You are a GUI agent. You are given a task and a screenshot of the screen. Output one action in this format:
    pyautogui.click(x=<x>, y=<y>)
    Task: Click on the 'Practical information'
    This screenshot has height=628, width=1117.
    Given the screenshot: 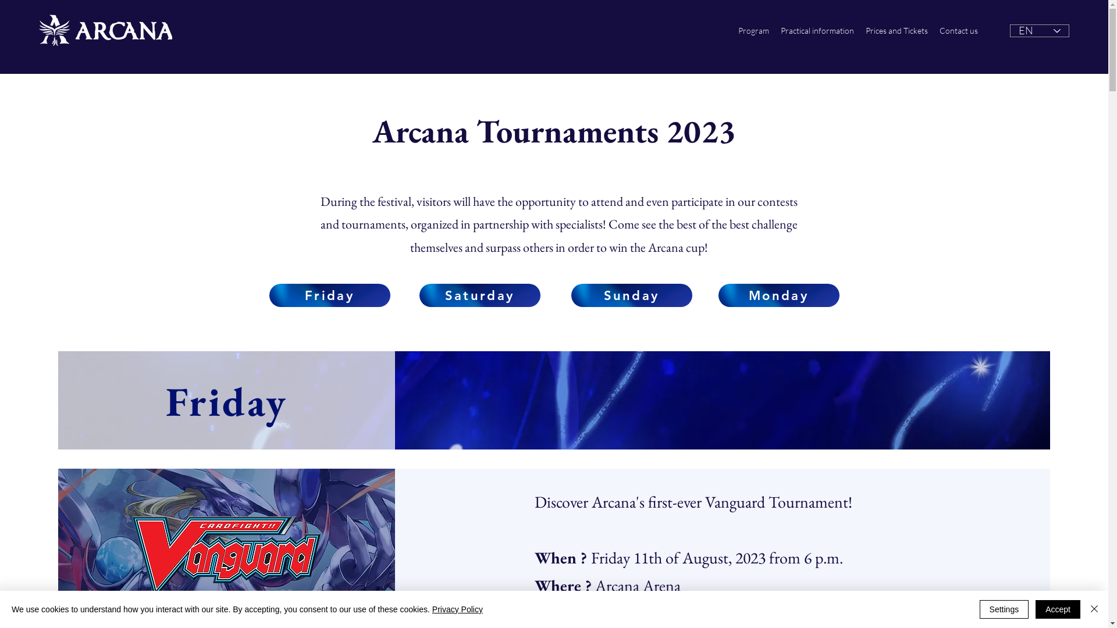 What is the action you would take?
    pyautogui.click(x=817, y=30)
    